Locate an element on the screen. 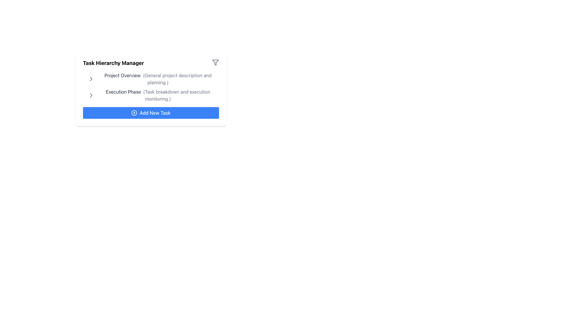  the right-facing chevron arrow icon located to the left of the 'Execution Phase' text in the task hierarchy interface is located at coordinates (91, 95).